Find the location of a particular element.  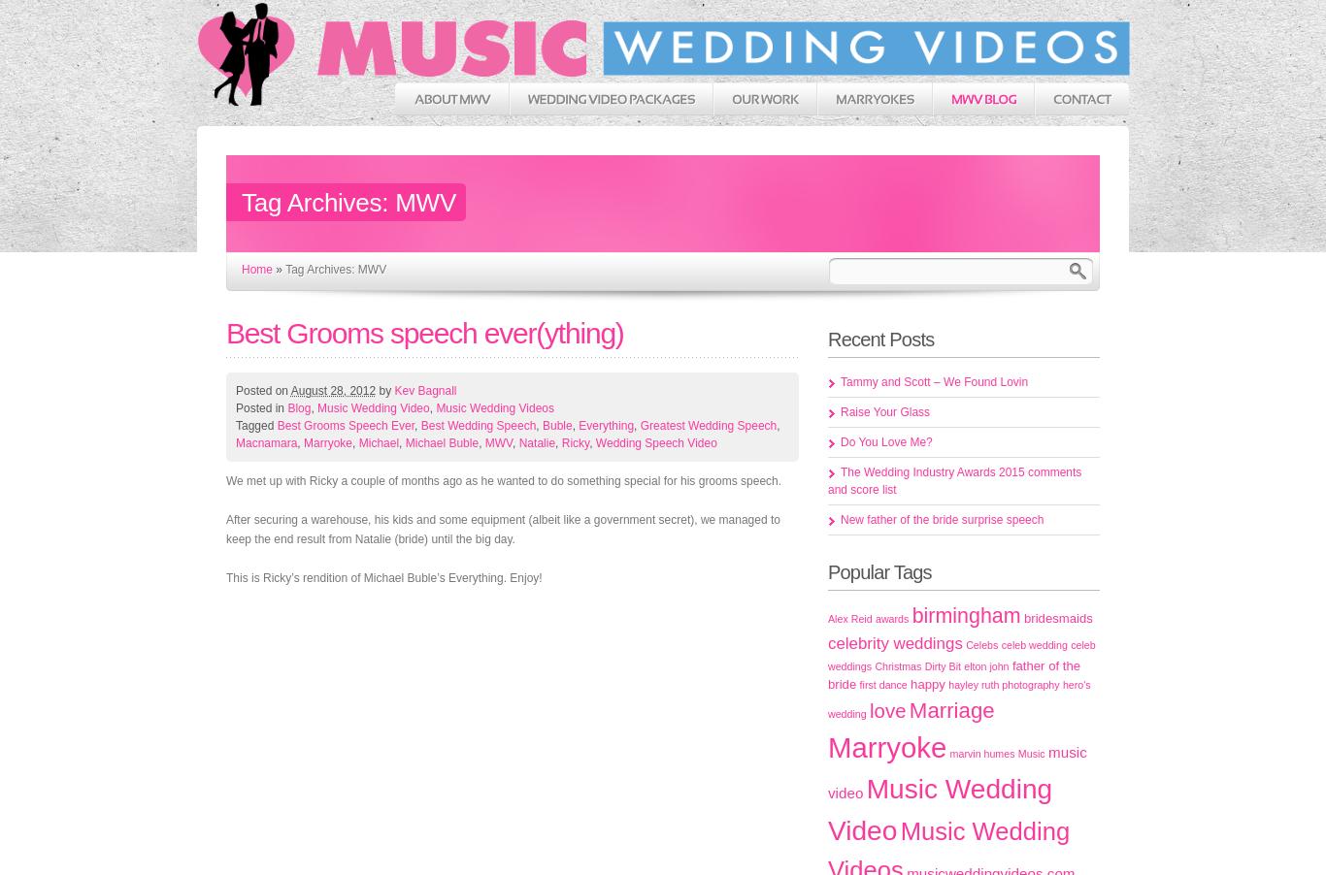

'Michael Buble' is located at coordinates (441, 442).